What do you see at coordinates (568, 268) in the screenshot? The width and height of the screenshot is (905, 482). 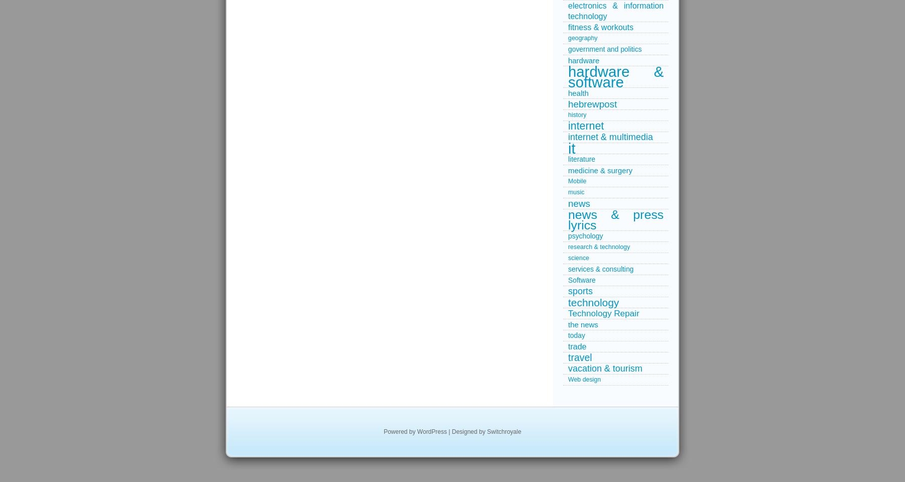 I see `'services & consulting'` at bounding box center [568, 268].